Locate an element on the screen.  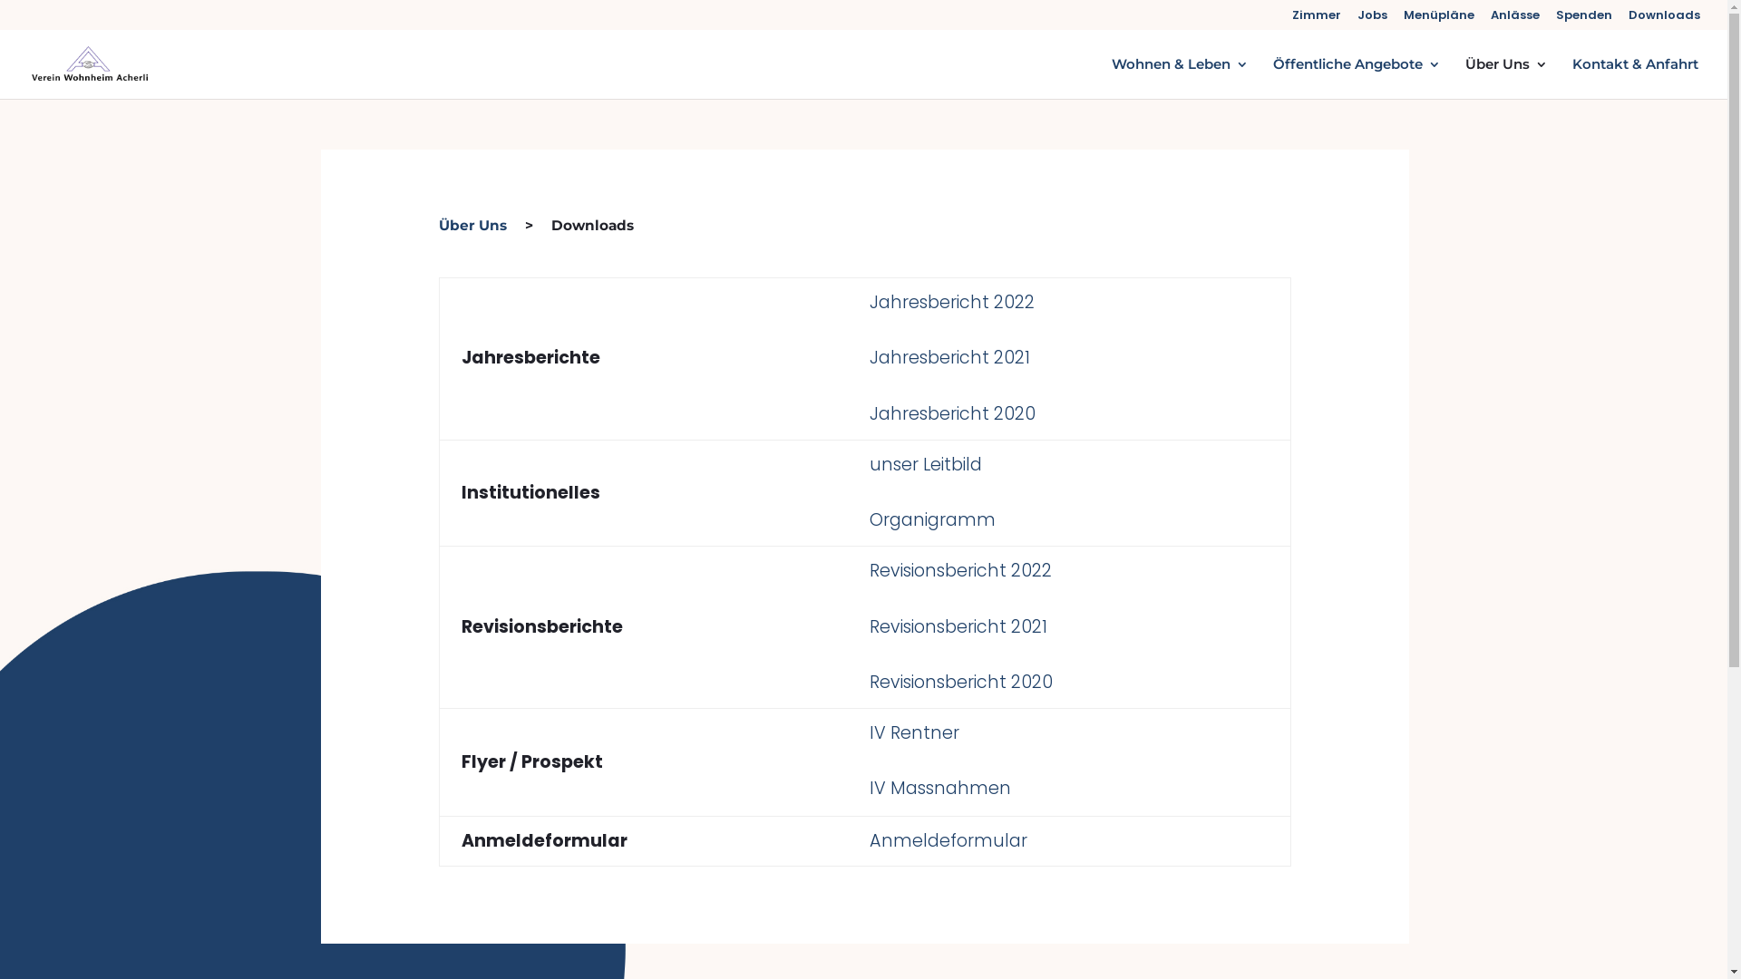
'Anmeldeformular ' is located at coordinates (949, 840).